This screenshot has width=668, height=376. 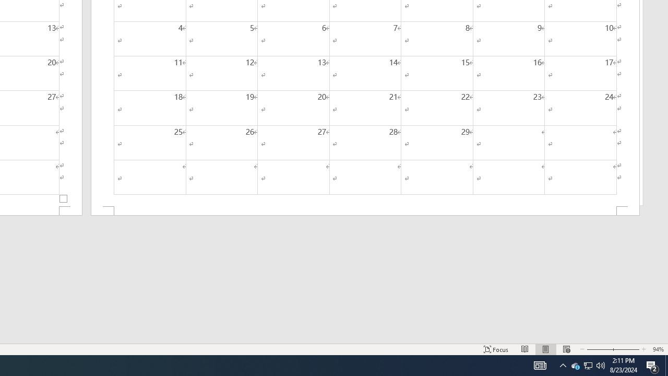 I want to click on 'Footer -Section 2-', so click(x=365, y=211).